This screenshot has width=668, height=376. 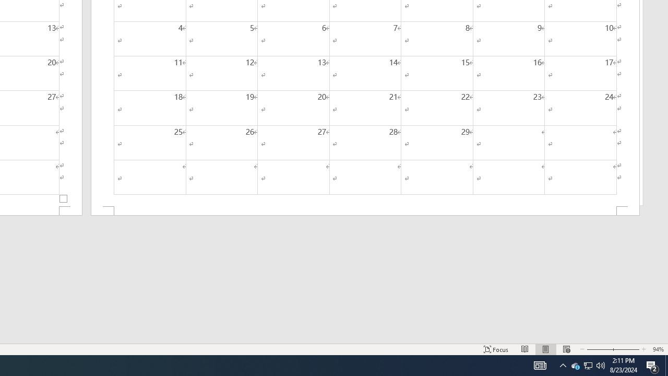 I want to click on 'Footer -Section 2-', so click(x=365, y=211).